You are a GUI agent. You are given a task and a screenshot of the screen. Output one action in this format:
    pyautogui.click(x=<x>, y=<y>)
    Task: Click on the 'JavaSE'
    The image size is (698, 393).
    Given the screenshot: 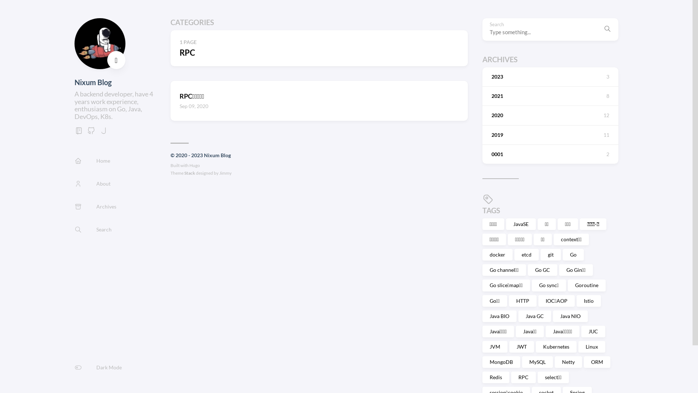 What is the action you would take?
    pyautogui.click(x=521, y=224)
    